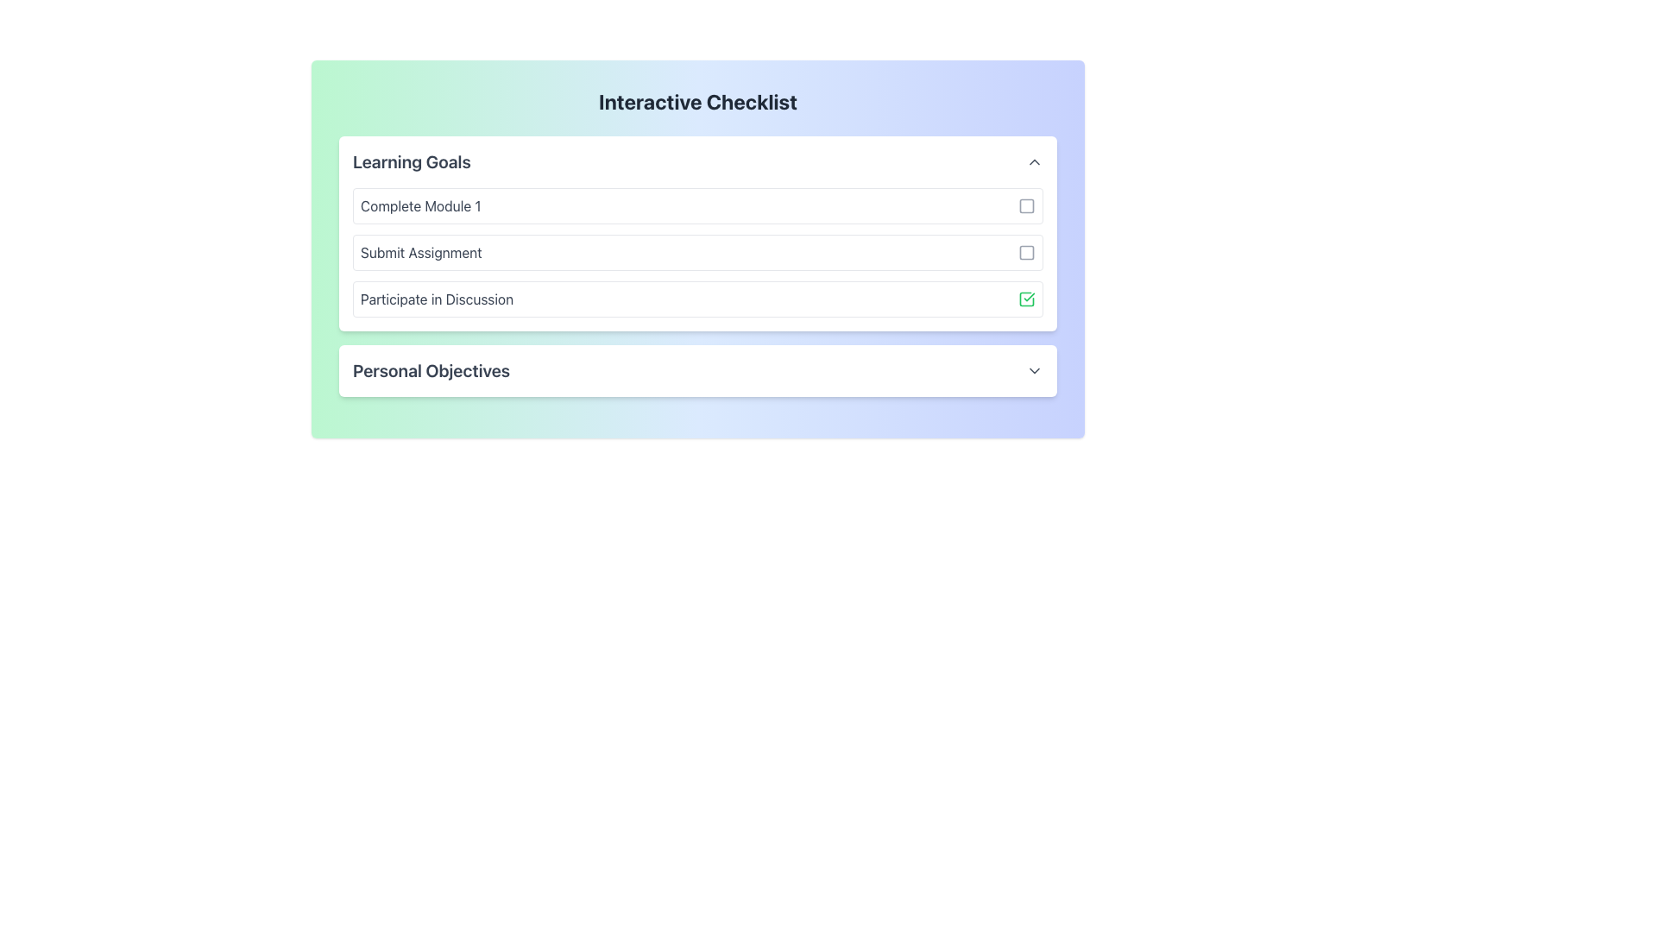 This screenshot has height=932, width=1657. What do you see at coordinates (1027, 253) in the screenshot?
I see `the second square indicator checkbox next to the 'Submit Assignment' text in the 'Interactive Checklist' area` at bounding box center [1027, 253].